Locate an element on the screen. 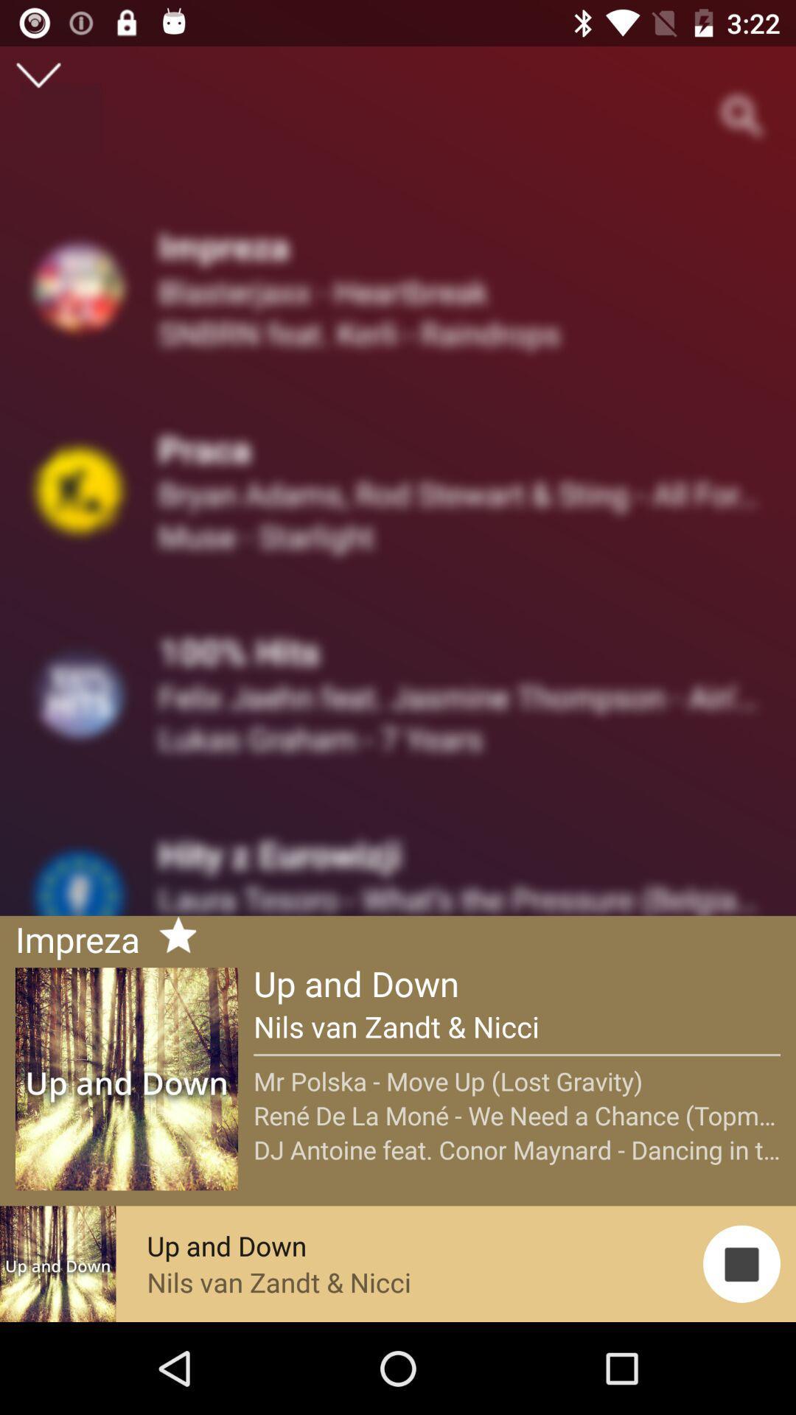 The width and height of the screenshot is (796, 1415). the star after the impreza is located at coordinates (170, 937).